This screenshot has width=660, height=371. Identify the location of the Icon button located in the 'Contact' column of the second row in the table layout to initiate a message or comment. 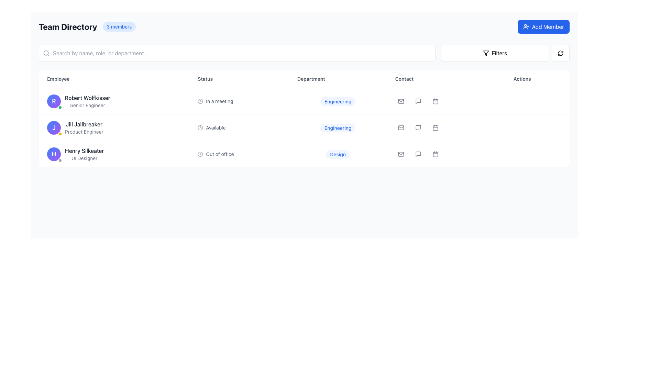
(418, 101).